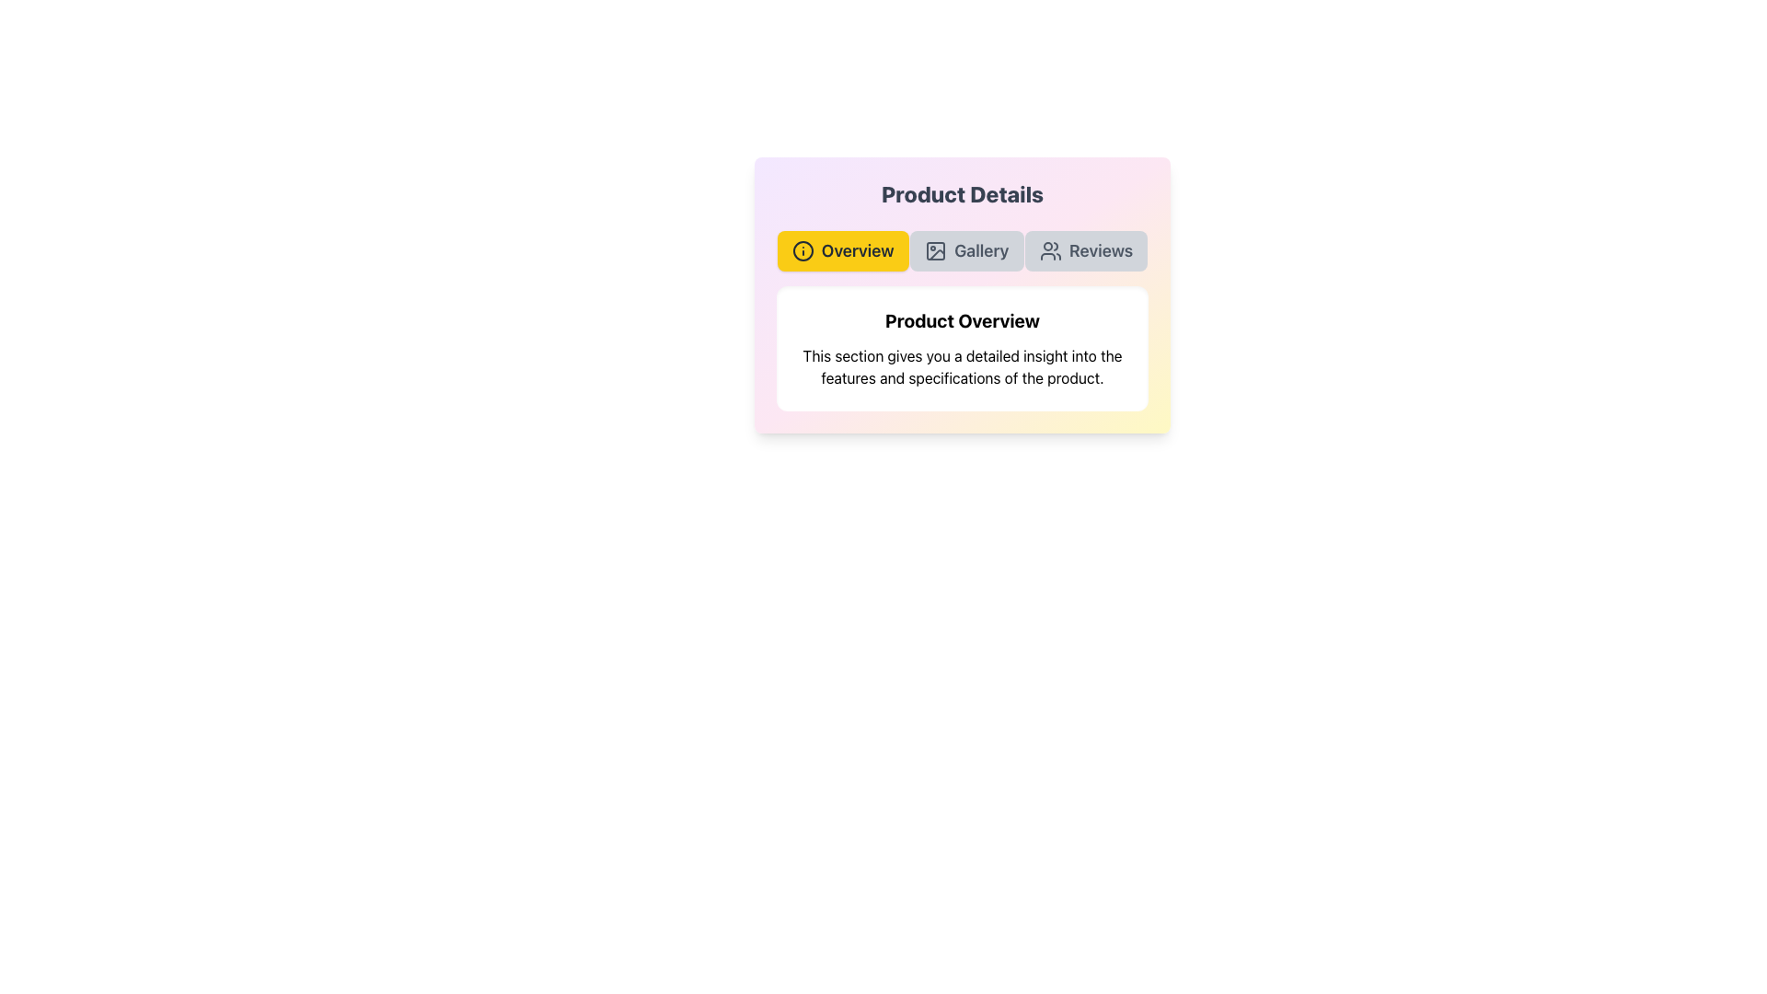  I want to click on the graphical content of the gallery icon, which is a diagonal line sloping downwards from left to right, located within the second button of the tab navigation bar at the top of the card, so click(937, 255).